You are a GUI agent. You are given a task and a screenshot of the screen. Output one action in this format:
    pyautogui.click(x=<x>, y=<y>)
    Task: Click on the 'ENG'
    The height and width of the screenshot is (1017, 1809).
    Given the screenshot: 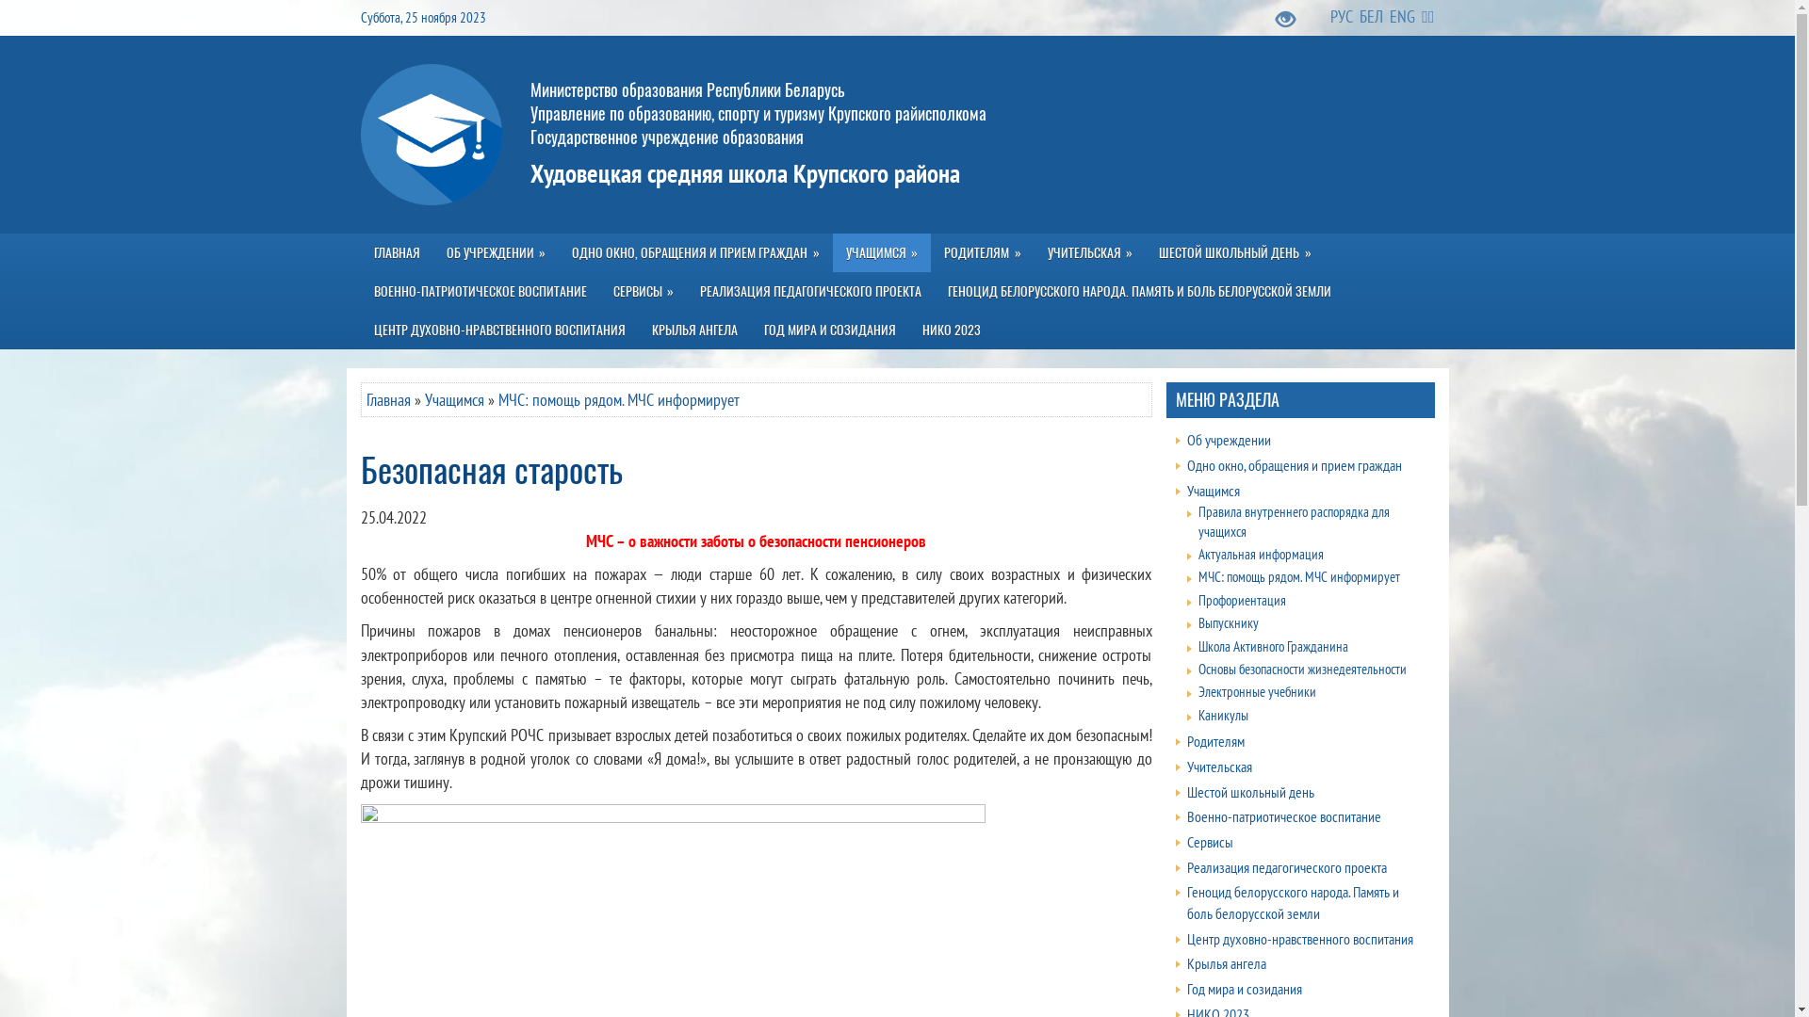 What is the action you would take?
    pyautogui.click(x=1389, y=16)
    